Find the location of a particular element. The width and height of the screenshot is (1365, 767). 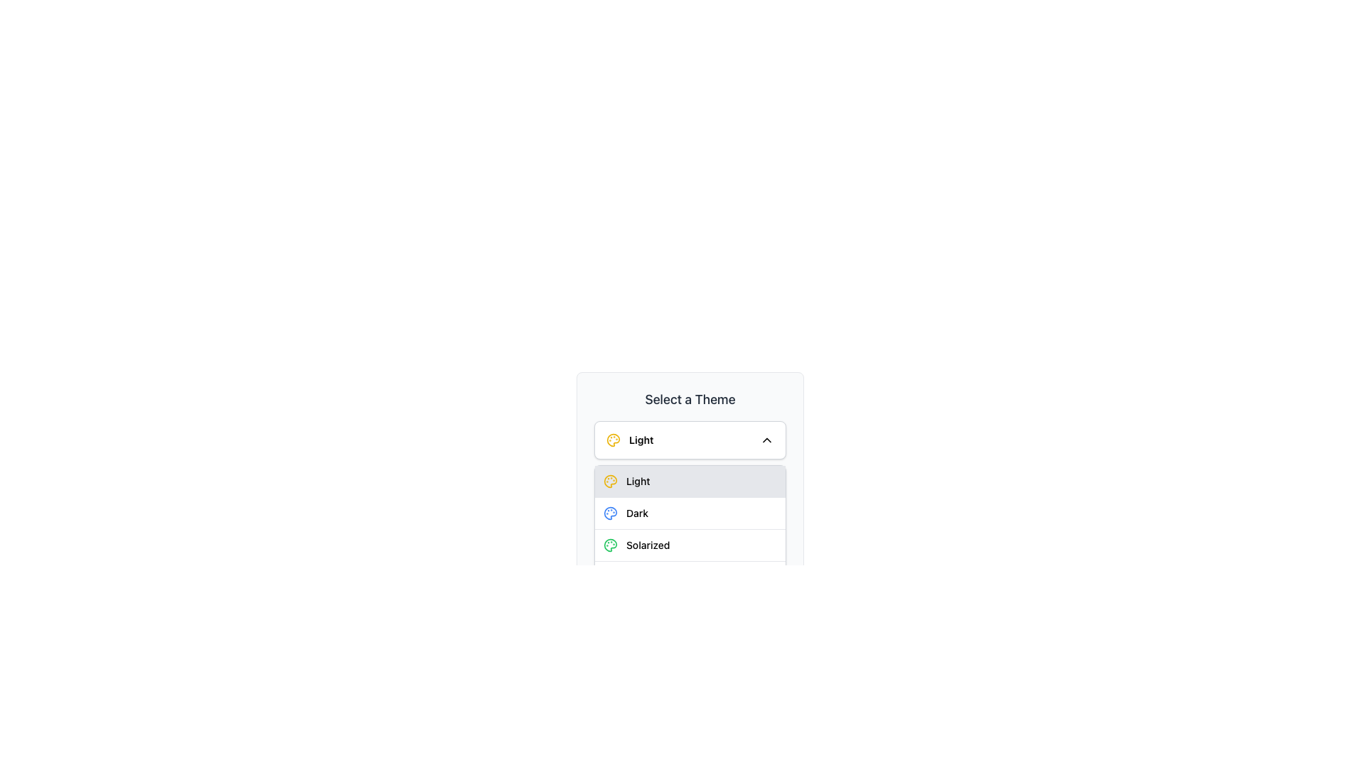

the 'Dark' theme option listed as the second row under 'Select a Theme' to apply the dark theme to the application interface is located at coordinates (690, 512).